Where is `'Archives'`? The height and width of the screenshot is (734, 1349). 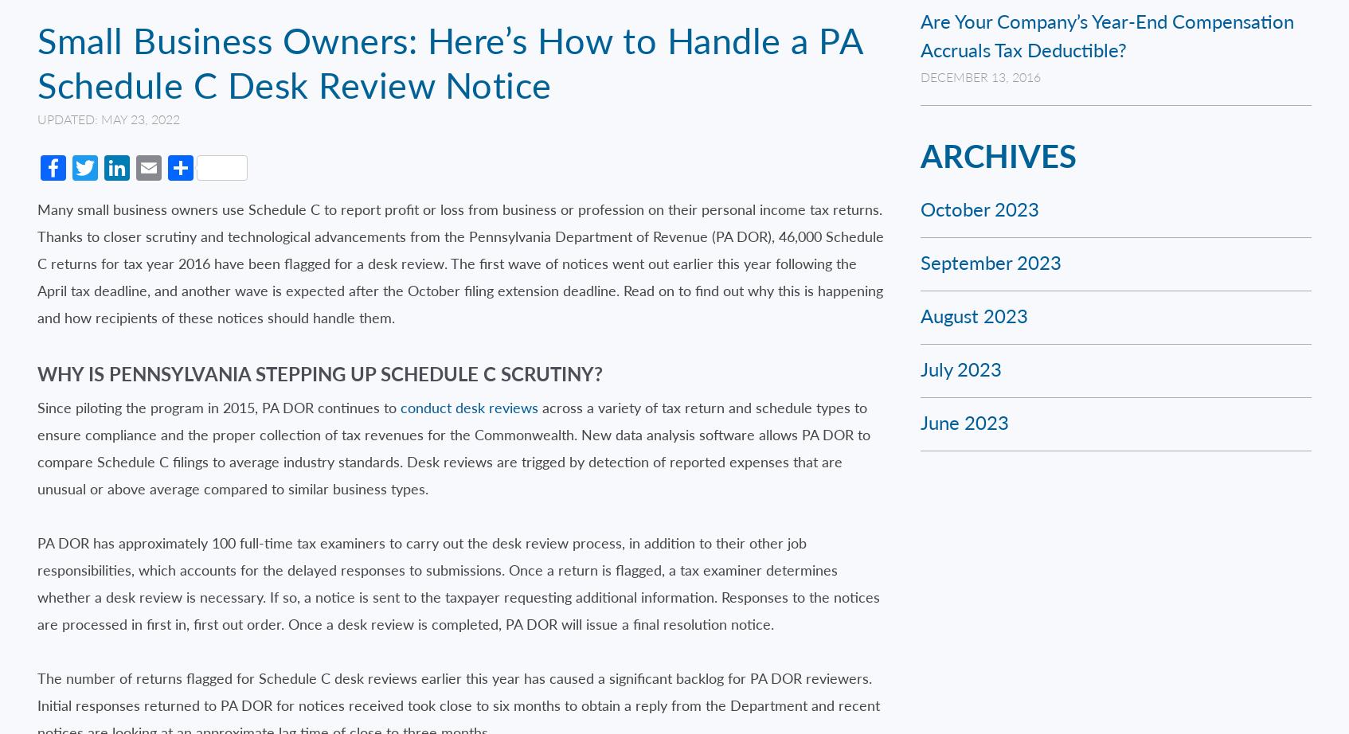 'Archives' is located at coordinates (997, 154).